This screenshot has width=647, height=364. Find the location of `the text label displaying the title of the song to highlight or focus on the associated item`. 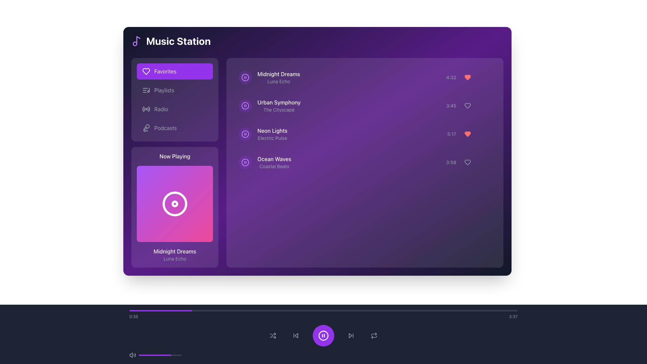

the text label displaying the title of the song to highlight or focus on the associated item is located at coordinates (278, 74).